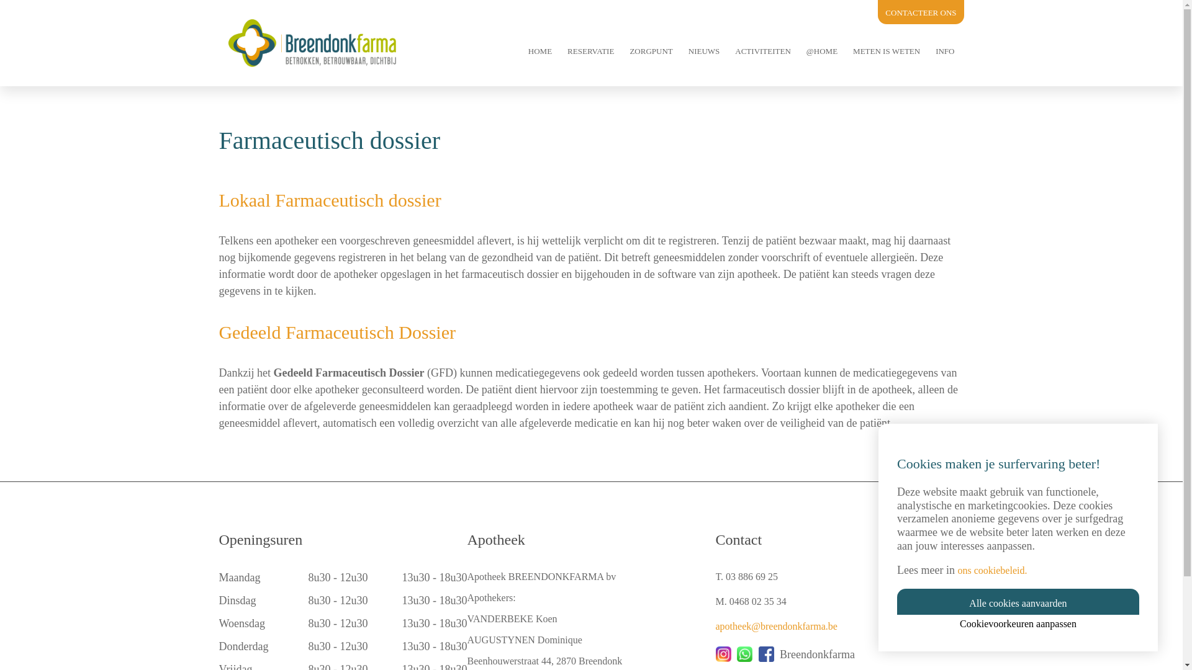 Image resolution: width=1192 pixels, height=670 pixels. I want to click on 'CONTACTEER ONS', so click(921, 12).